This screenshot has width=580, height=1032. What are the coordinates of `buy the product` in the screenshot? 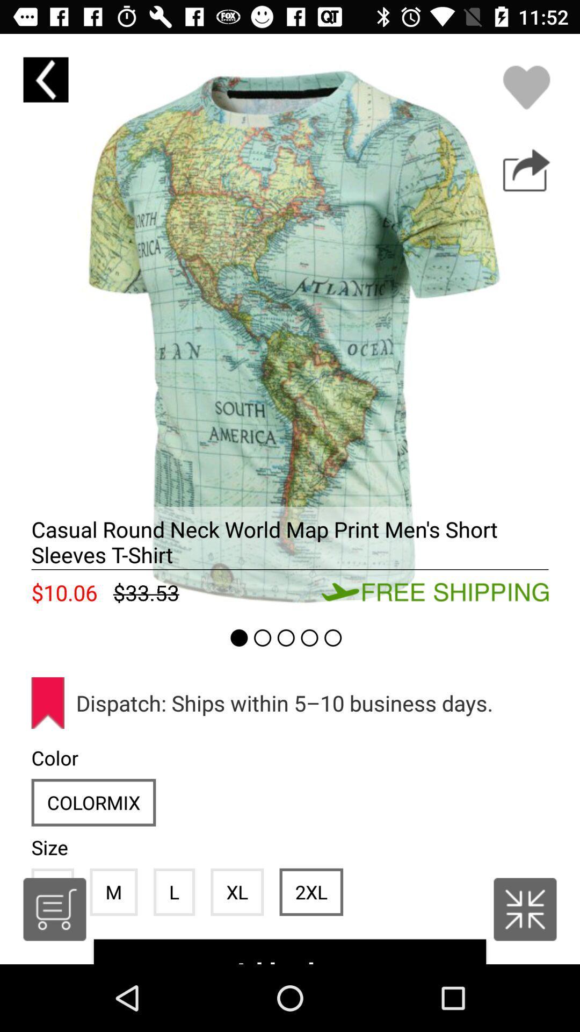 It's located at (526, 170).